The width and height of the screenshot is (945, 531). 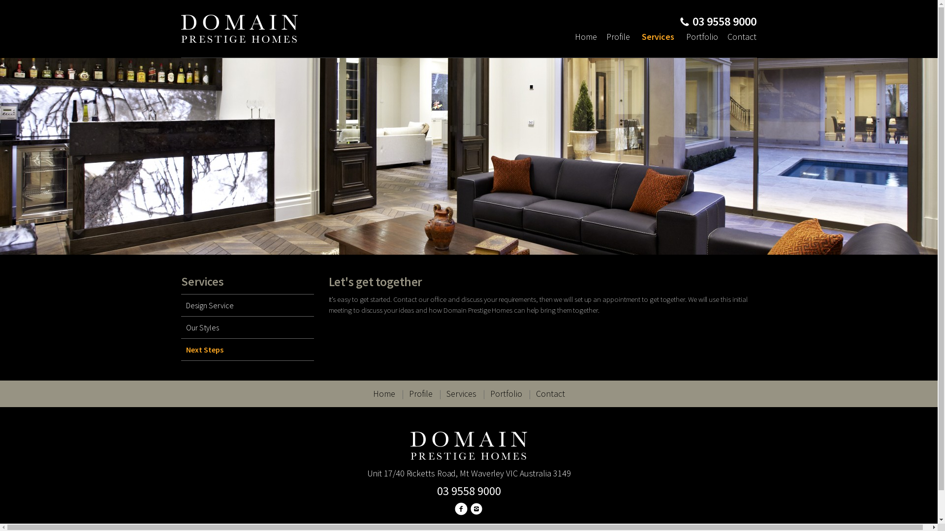 I want to click on 'Profile', so click(x=420, y=393).